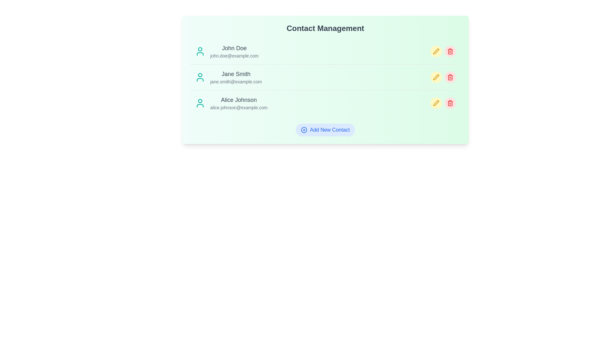 This screenshot has width=614, height=345. What do you see at coordinates (325, 130) in the screenshot?
I see `the 'Add New Contact' button to initiate adding a new contact` at bounding box center [325, 130].